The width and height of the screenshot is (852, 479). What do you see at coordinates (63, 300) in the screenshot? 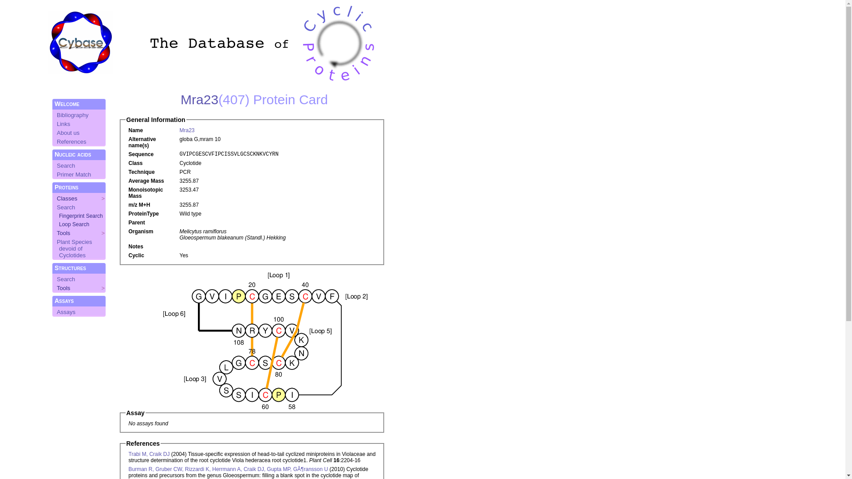
I see `'Assays'` at bounding box center [63, 300].